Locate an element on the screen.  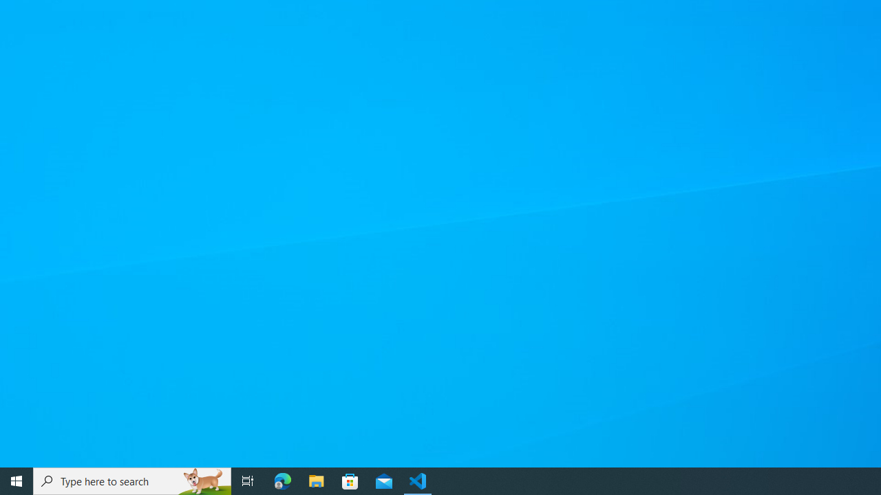
'Visual Studio Code - 1 running window' is located at coordinates (417, 480).